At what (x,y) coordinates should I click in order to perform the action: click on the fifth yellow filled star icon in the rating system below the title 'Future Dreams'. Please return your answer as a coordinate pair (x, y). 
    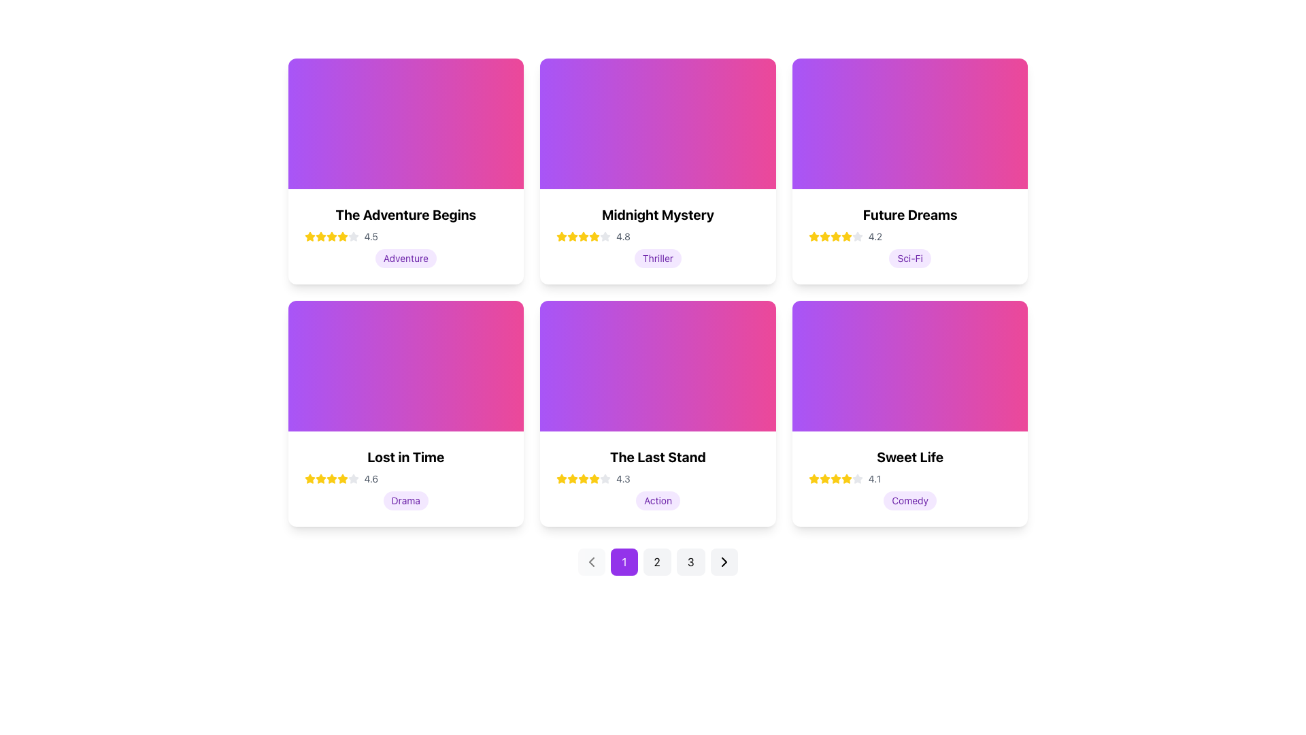
    Looking at the image, I should click on (845, 235).